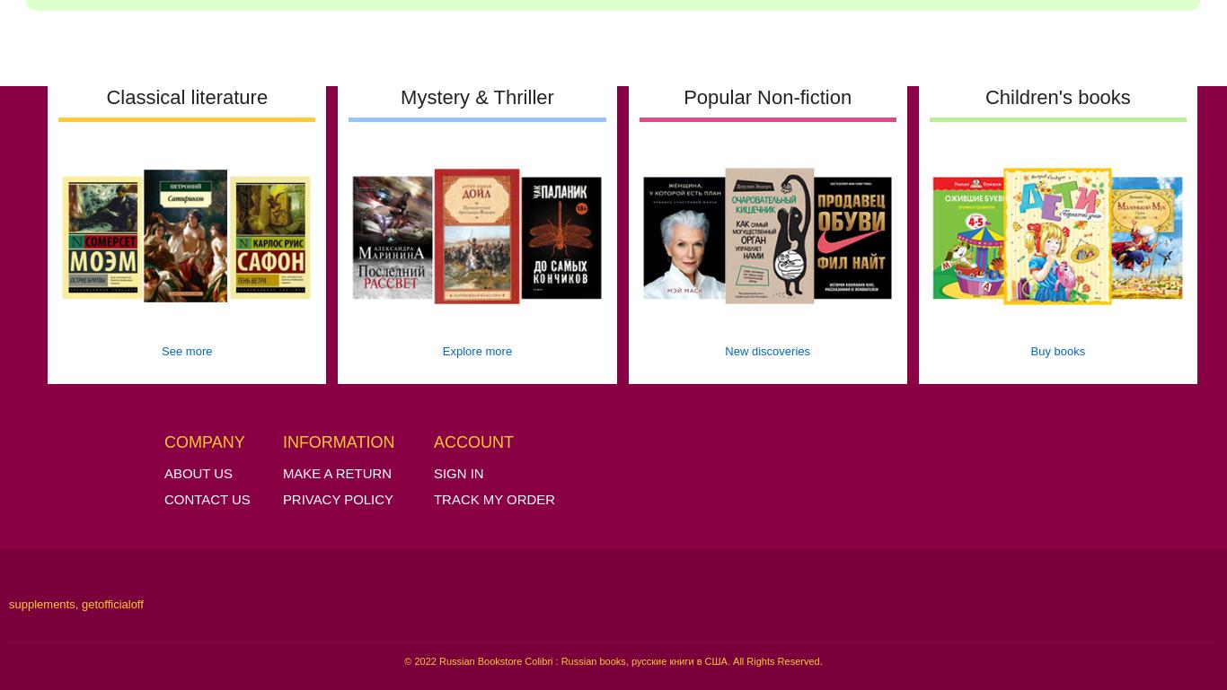  I want to click on 'Make a Return', so click(335, 472).